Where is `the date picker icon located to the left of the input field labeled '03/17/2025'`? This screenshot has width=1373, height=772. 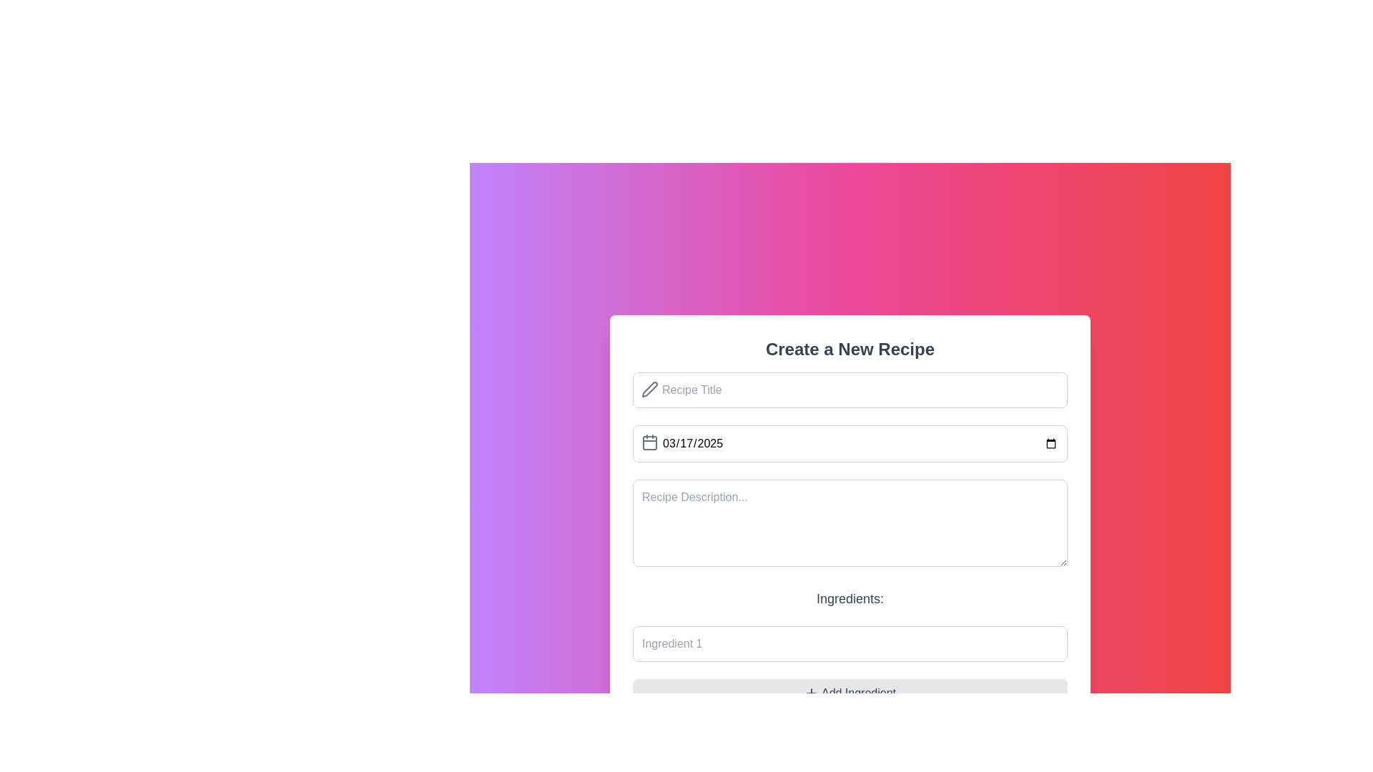
the date picker icon located to the left of the input field labeled '03/17/2025' is located at coordinates (649, 441).